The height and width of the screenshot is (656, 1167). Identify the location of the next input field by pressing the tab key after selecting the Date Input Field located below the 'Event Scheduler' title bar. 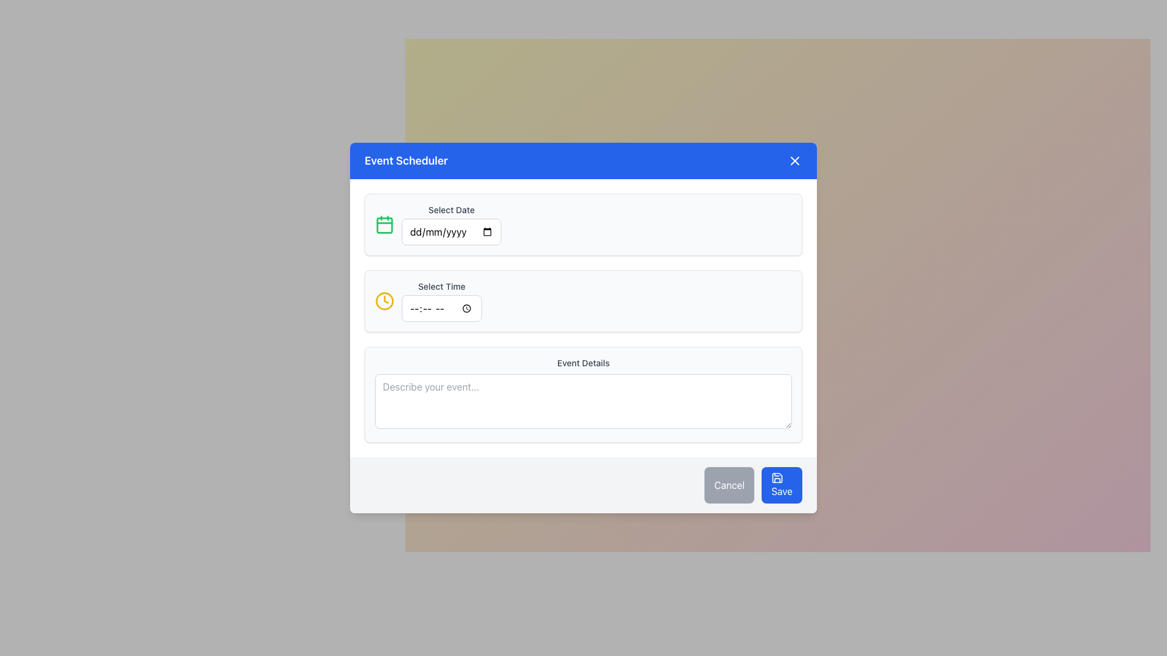
(451, 225).